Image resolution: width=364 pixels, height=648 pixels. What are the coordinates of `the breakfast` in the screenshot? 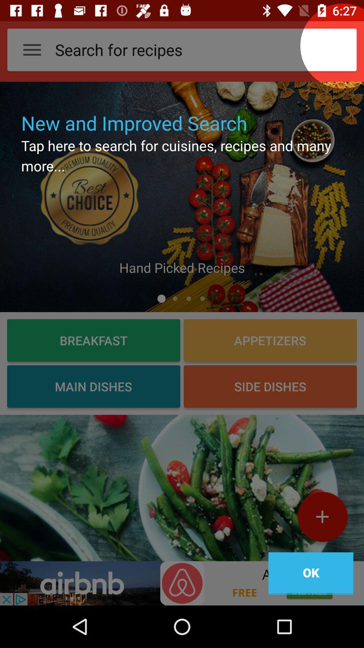 It's located at (93, 340).